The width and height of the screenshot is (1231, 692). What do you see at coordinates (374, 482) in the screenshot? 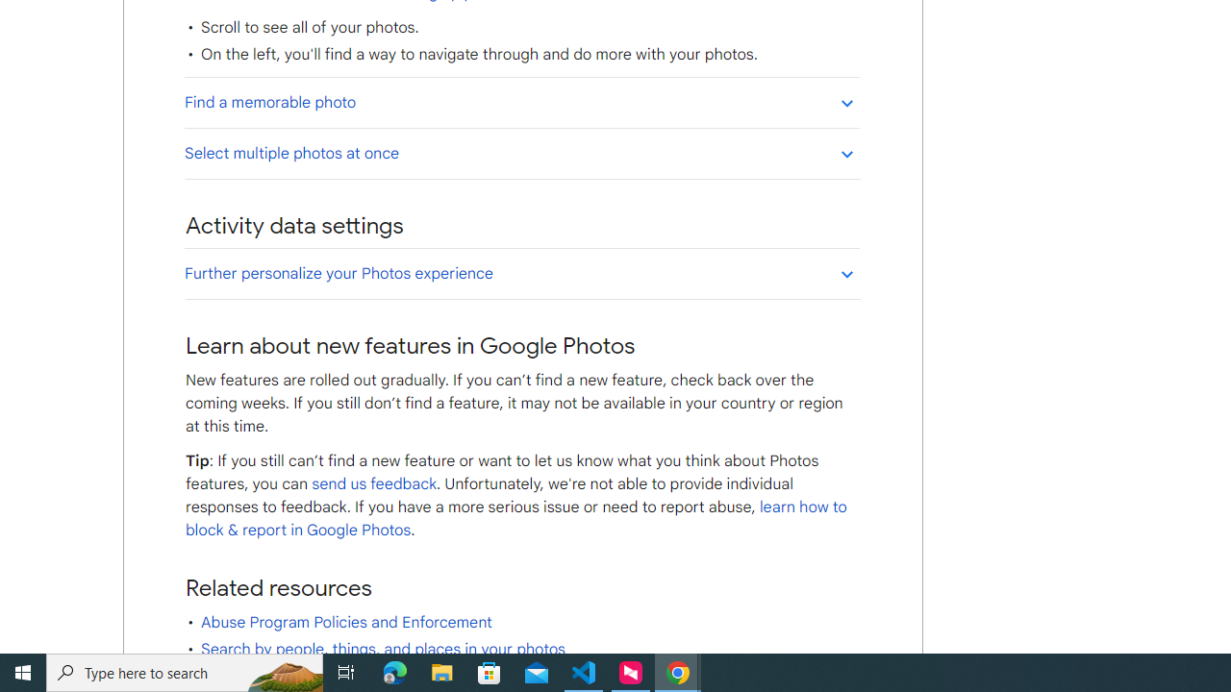
I see `'send us feedback'` at bounding box center [374, 482].